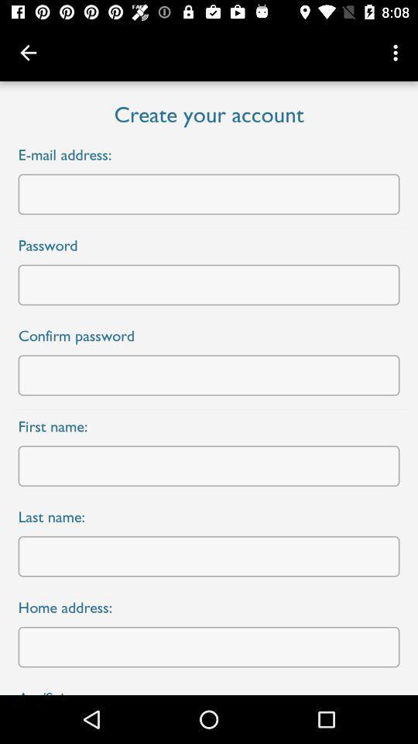 This screenshot has height=744, width=418. What do you see at coordinates (209, 194) in the screenshot?
I see `a text field which is below email address on the page` at bounding box center [209, 194].